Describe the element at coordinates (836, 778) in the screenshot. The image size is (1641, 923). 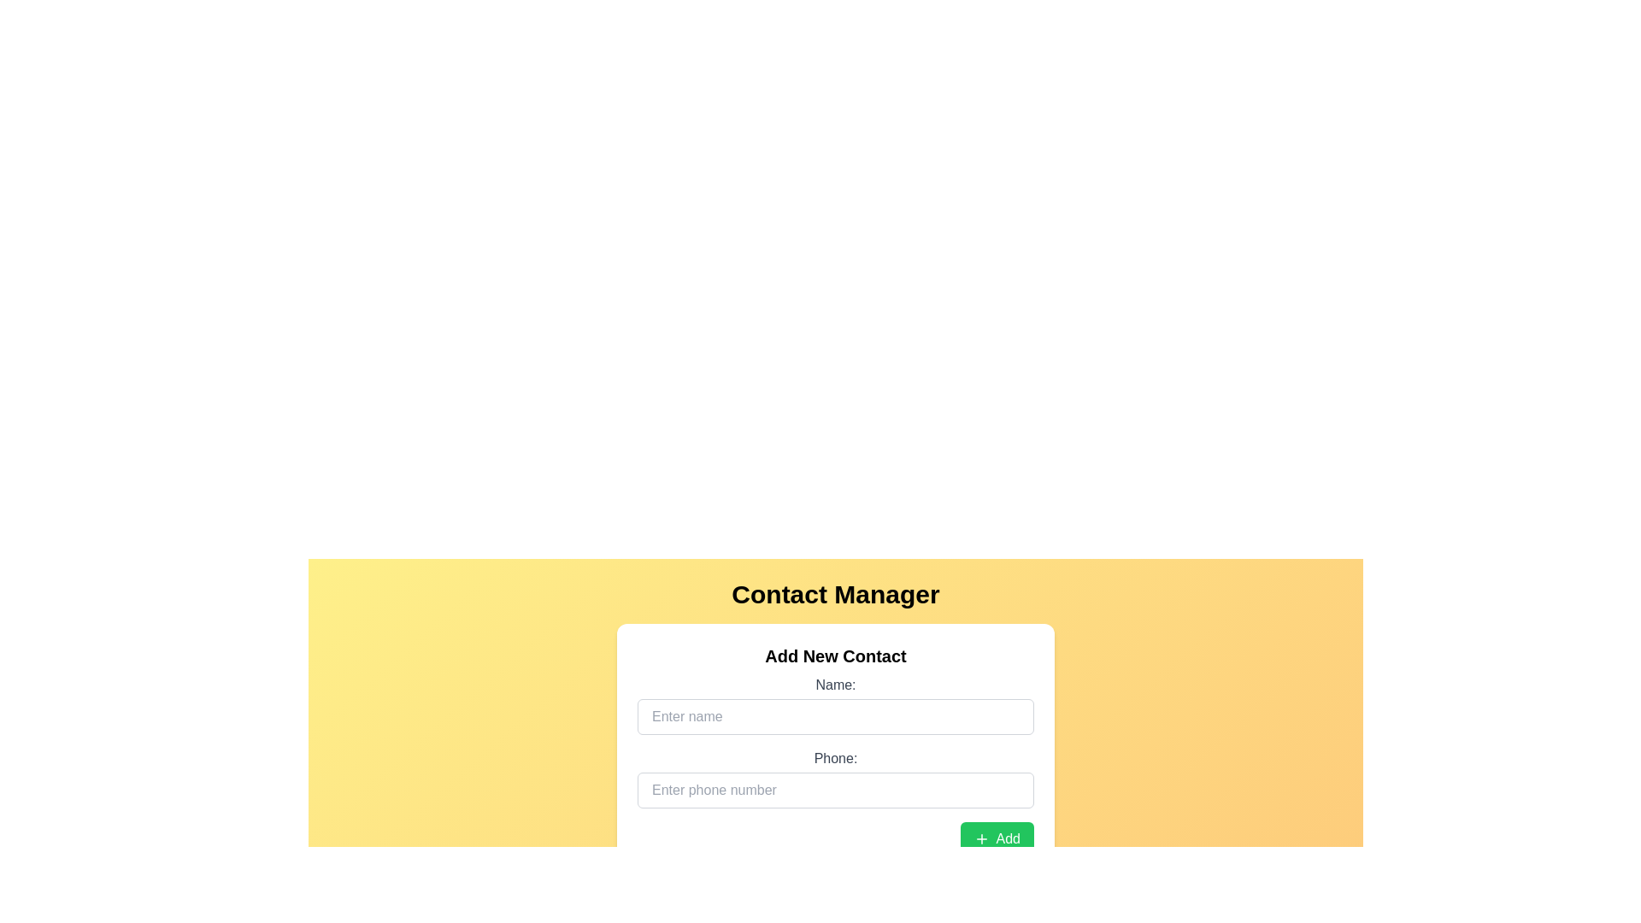
I see `the phone number input field in the 'Add New Contact' form` at that location.